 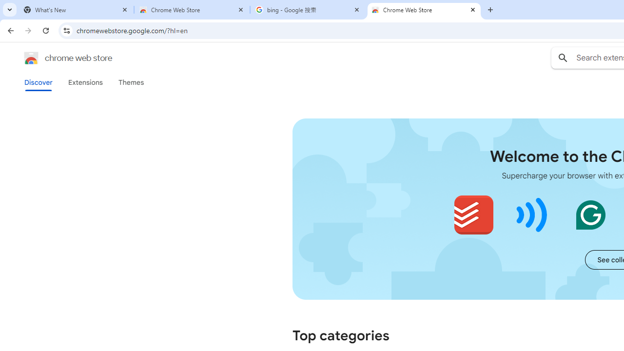 I want to click on 'Volume Master', so click(x=531, y=214).